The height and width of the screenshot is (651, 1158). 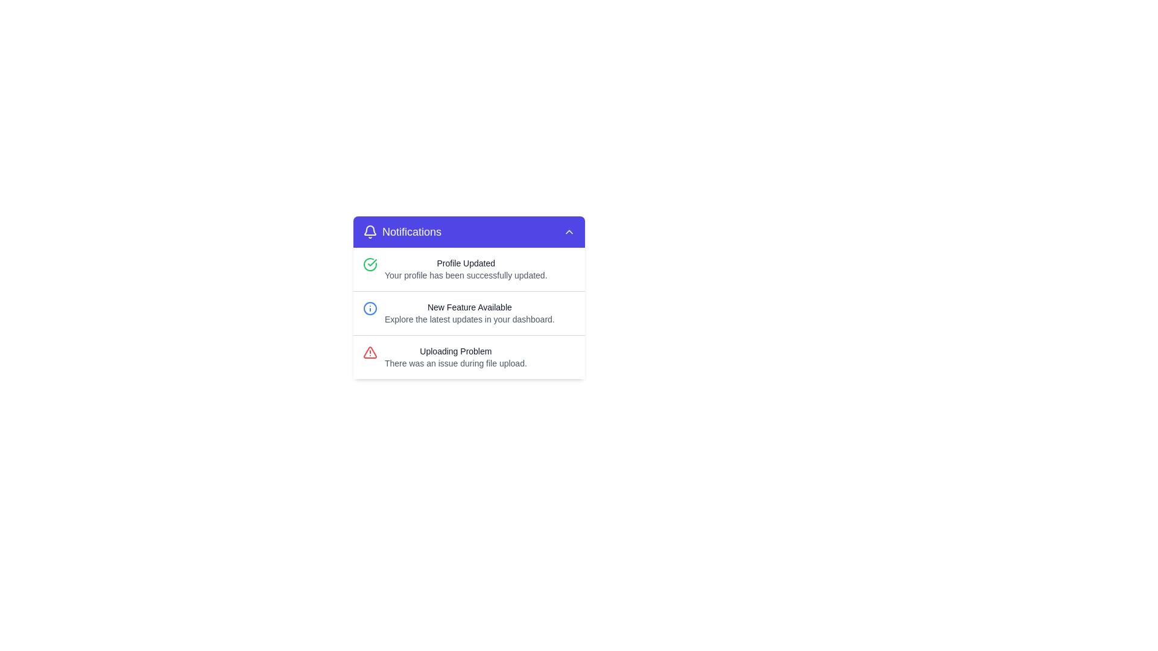 What do you see at coordinates (469, 313) in the screenshot?
I see `the Notification text block, which informs users about the availability of new features, positioned between the profile update notification and the uploading problem notification` at bounding box center [469, 313].